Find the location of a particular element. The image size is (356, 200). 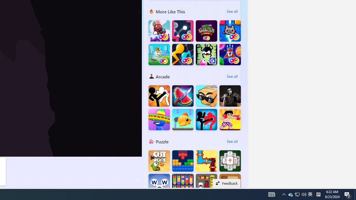

'Plumber World' is located at coordinates (206, 161).